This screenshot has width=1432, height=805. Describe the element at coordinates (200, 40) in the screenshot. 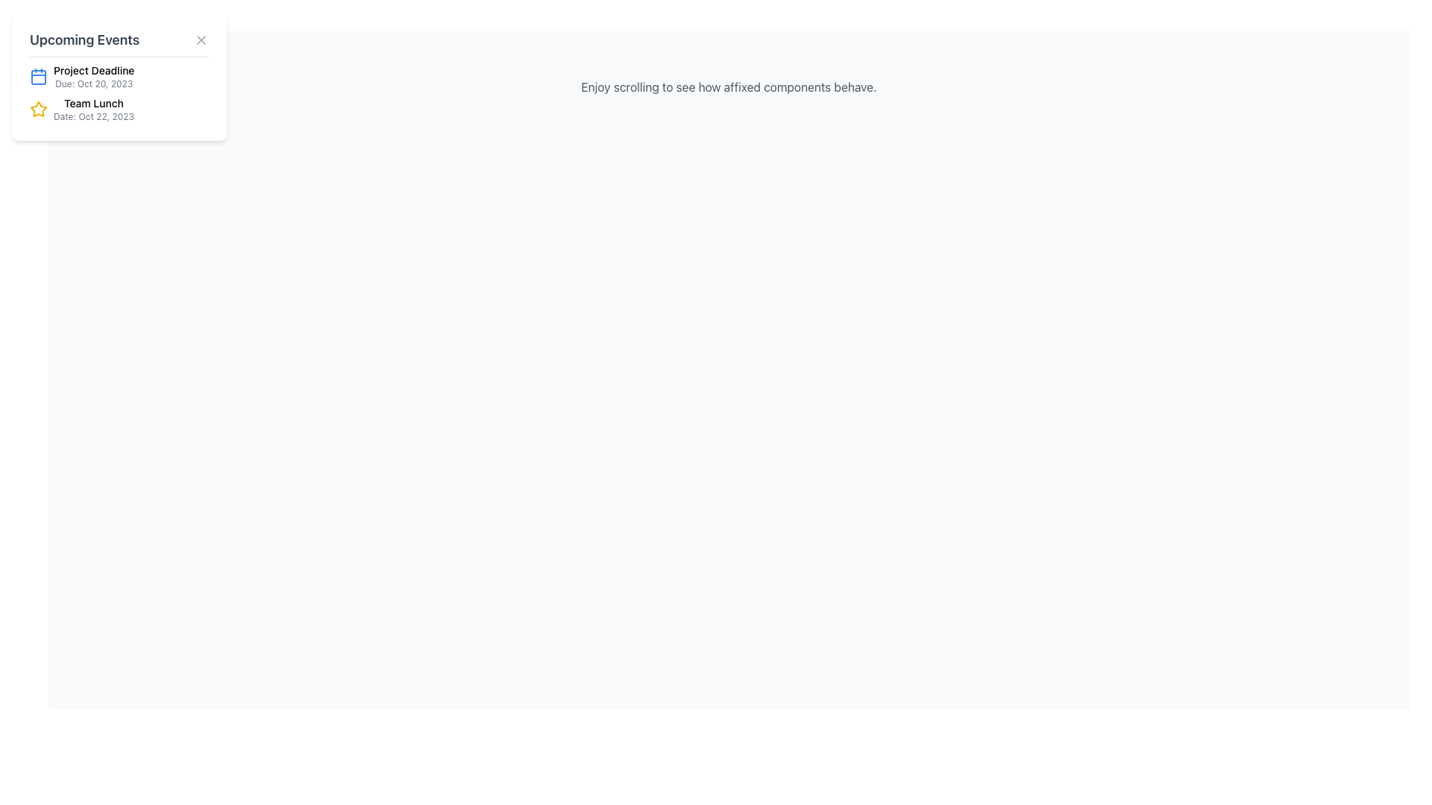

I see `the Icon button located at the top-right corner of the 'Upcoming Events' section to change its color` at that location.